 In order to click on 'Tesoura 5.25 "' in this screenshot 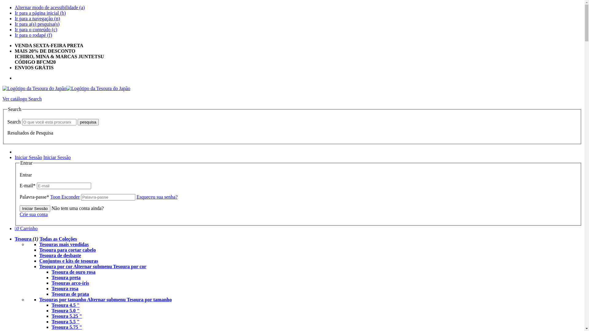, I will do `click(67, 316)`.